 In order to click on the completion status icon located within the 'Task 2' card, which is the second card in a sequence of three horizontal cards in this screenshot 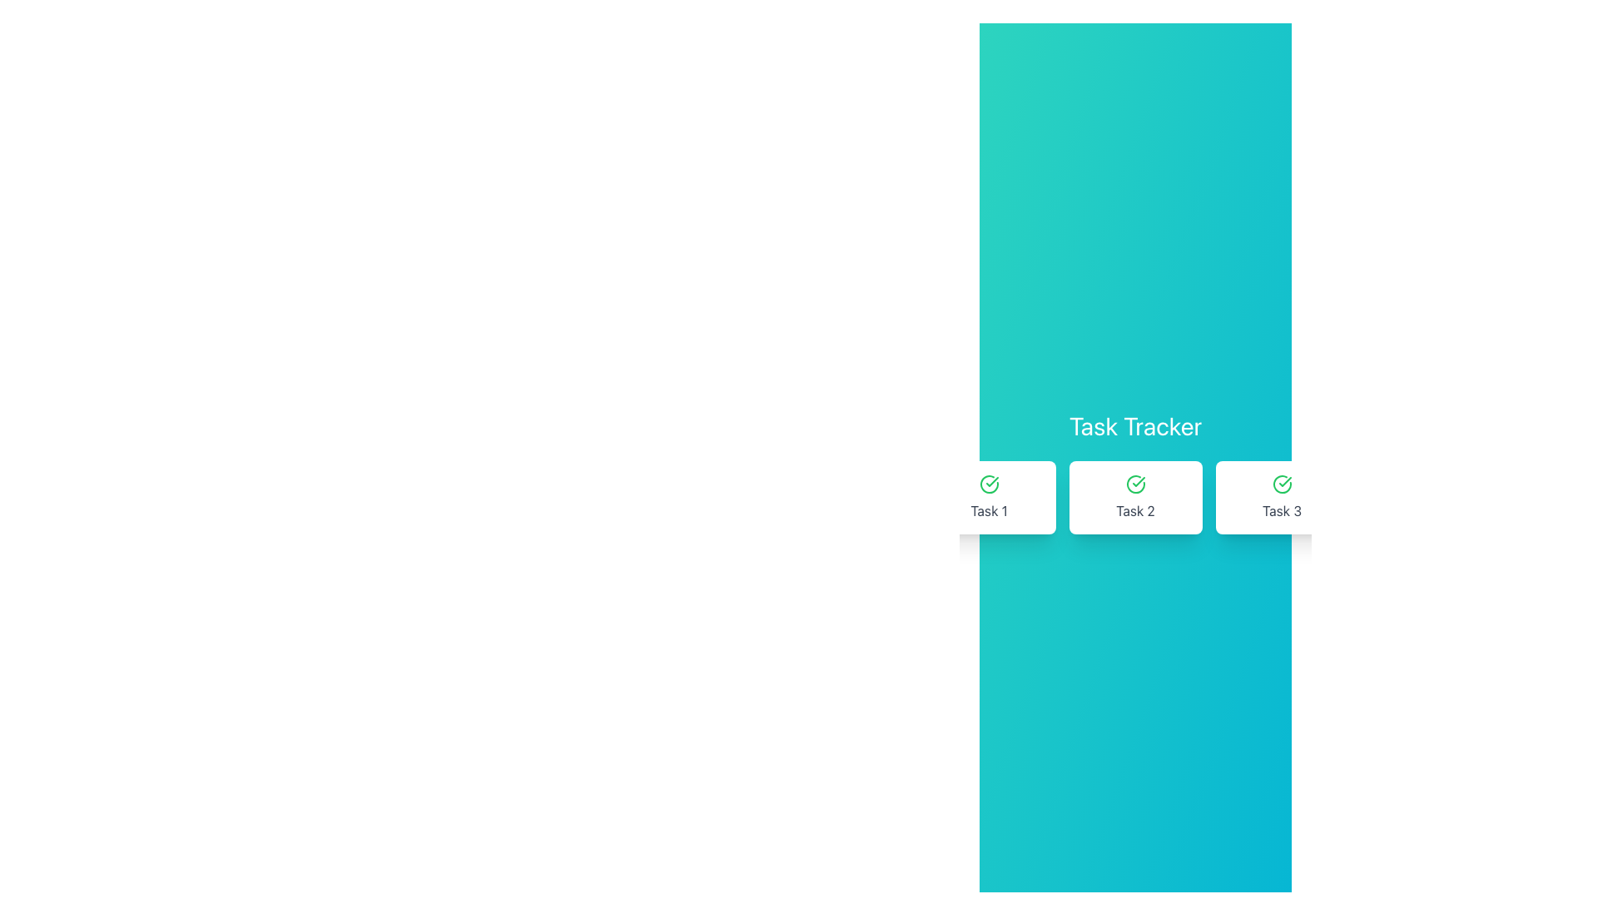, I will do `click(1134, 484)`.